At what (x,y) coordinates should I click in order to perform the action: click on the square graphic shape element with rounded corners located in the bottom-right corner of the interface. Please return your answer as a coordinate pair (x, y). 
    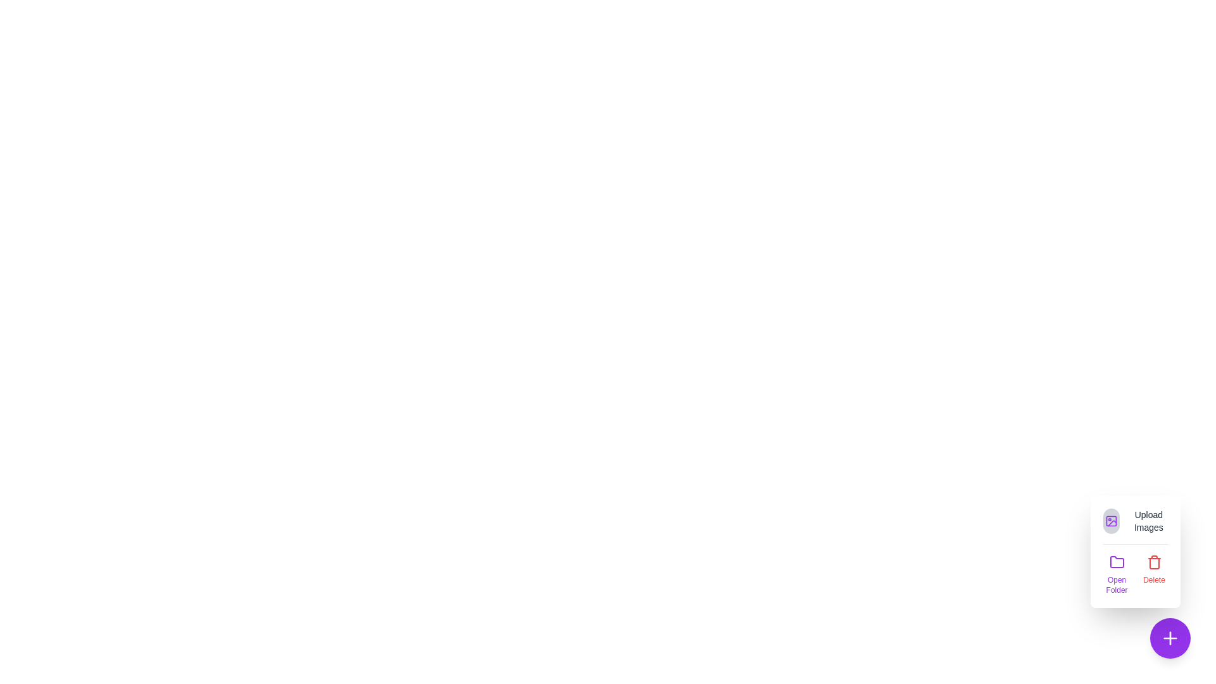
    Looking at the image, I should click on (1110, 521).